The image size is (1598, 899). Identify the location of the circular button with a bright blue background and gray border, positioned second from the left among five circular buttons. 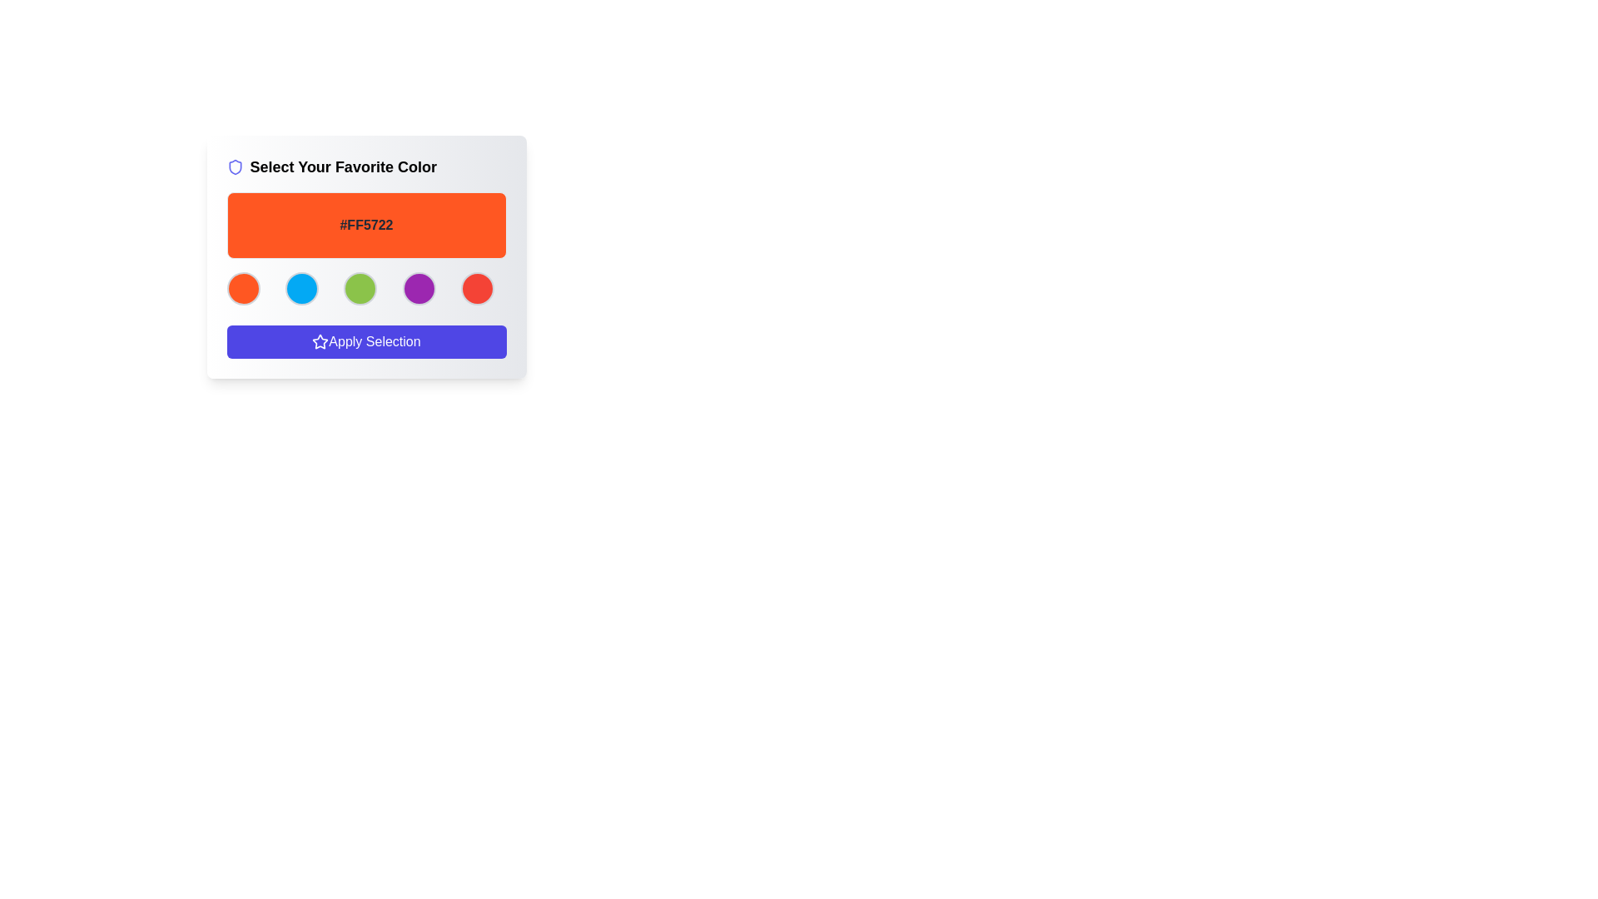
(301, 288).